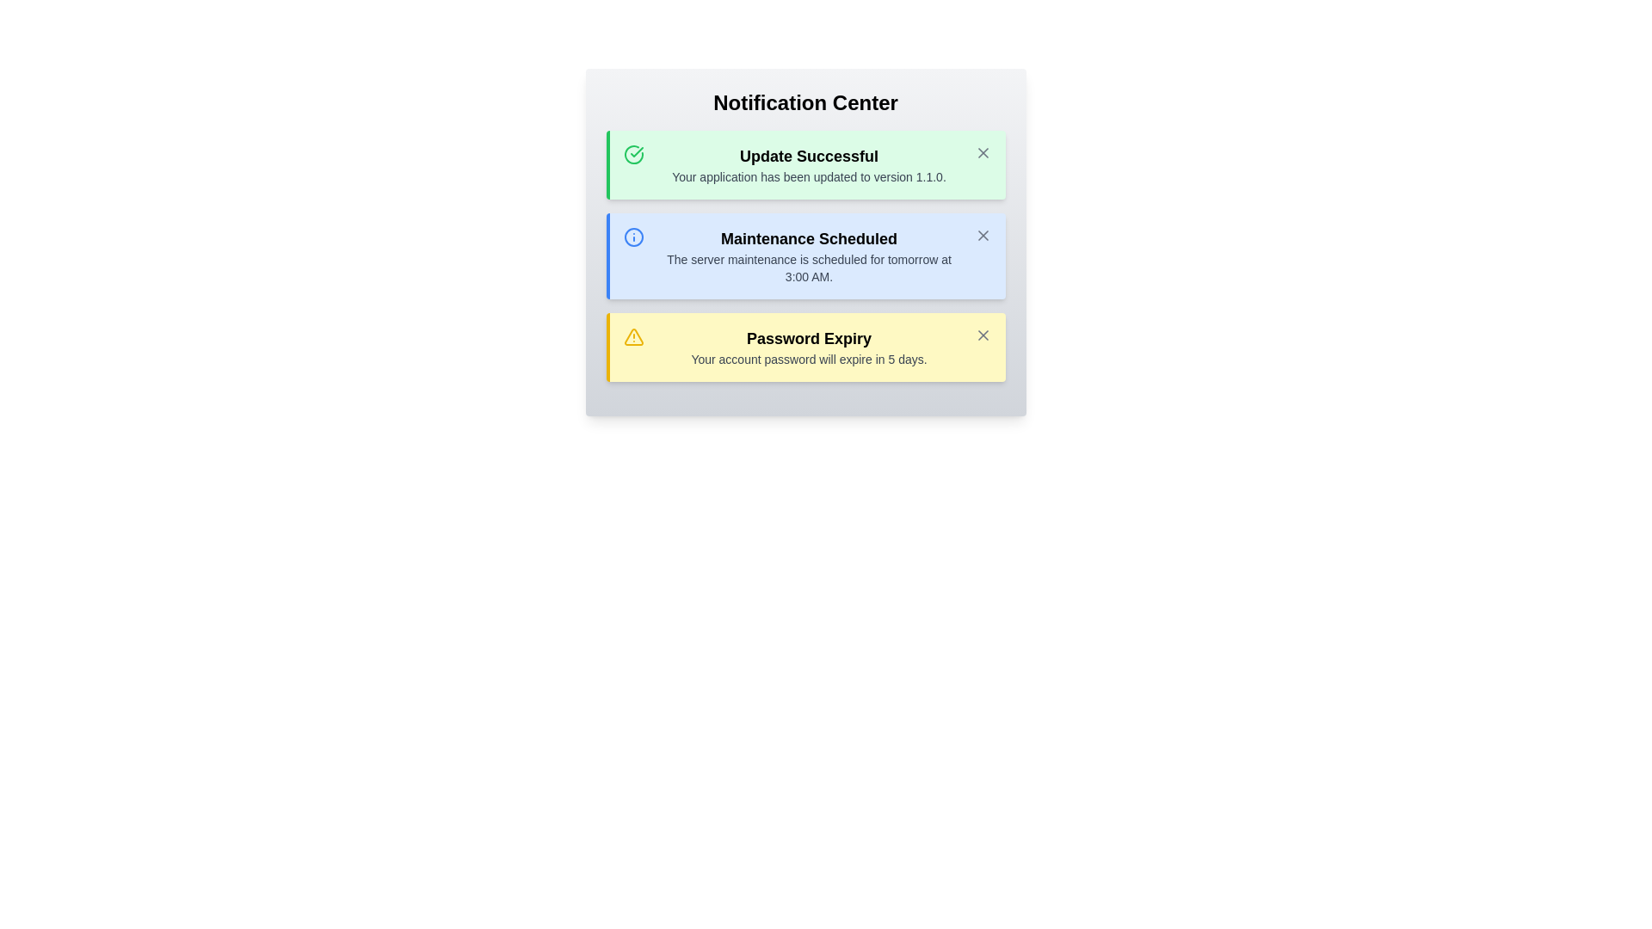  What do you see at coordinates (808, 156) in the screenshot?
I see `the 'Update Successful' text label at the top of the notification list in the Notification Center to provide immediate feedback to the user about the action` at bounding box center [808, 156].